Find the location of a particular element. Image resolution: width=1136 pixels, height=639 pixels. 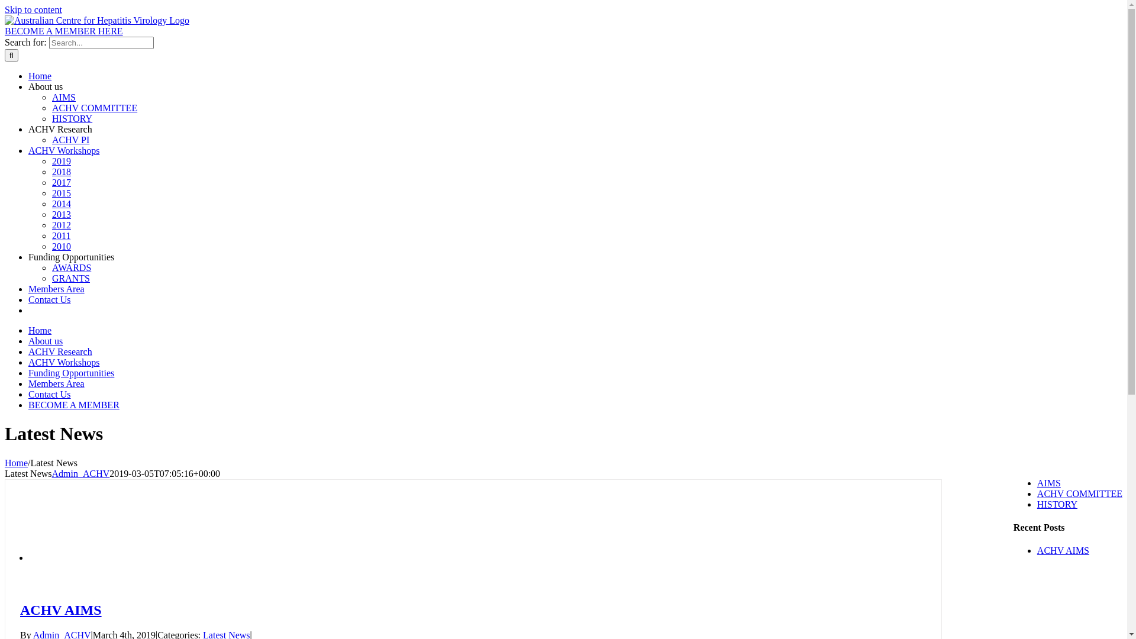

'2014' is located at coordinates (61, 203).